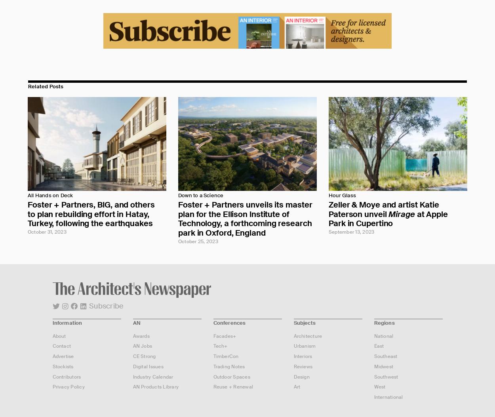 The height and width of the screenshot is (417, 495). Describe the element at coordinates (385, 376) in the screenshot. I see `'Southwest'` at that location.